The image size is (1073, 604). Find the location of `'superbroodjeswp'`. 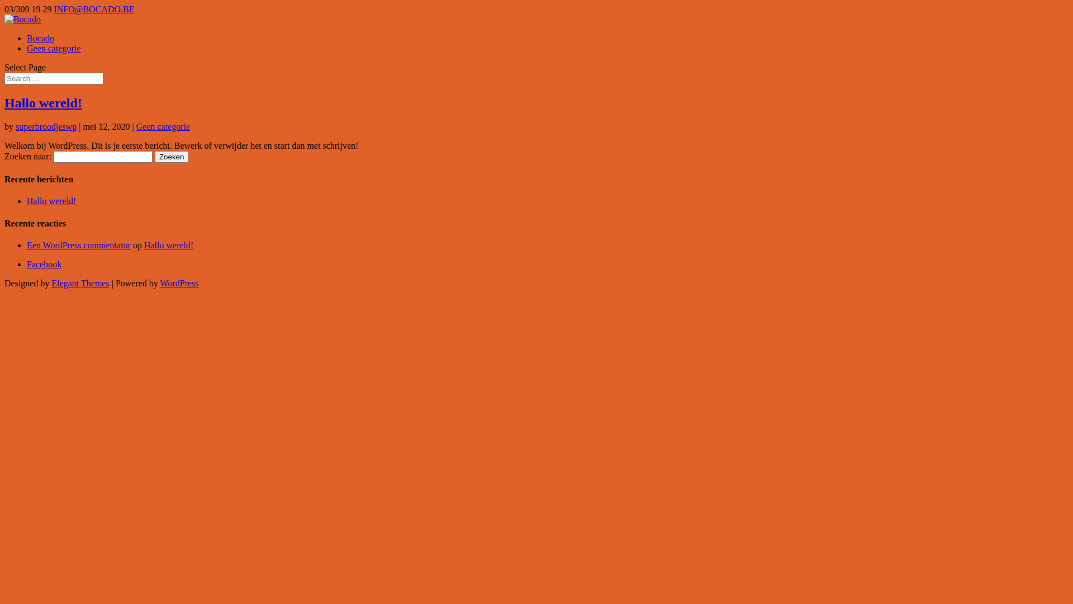

'superbroodjeswp' is located at coordinates (16, 126).